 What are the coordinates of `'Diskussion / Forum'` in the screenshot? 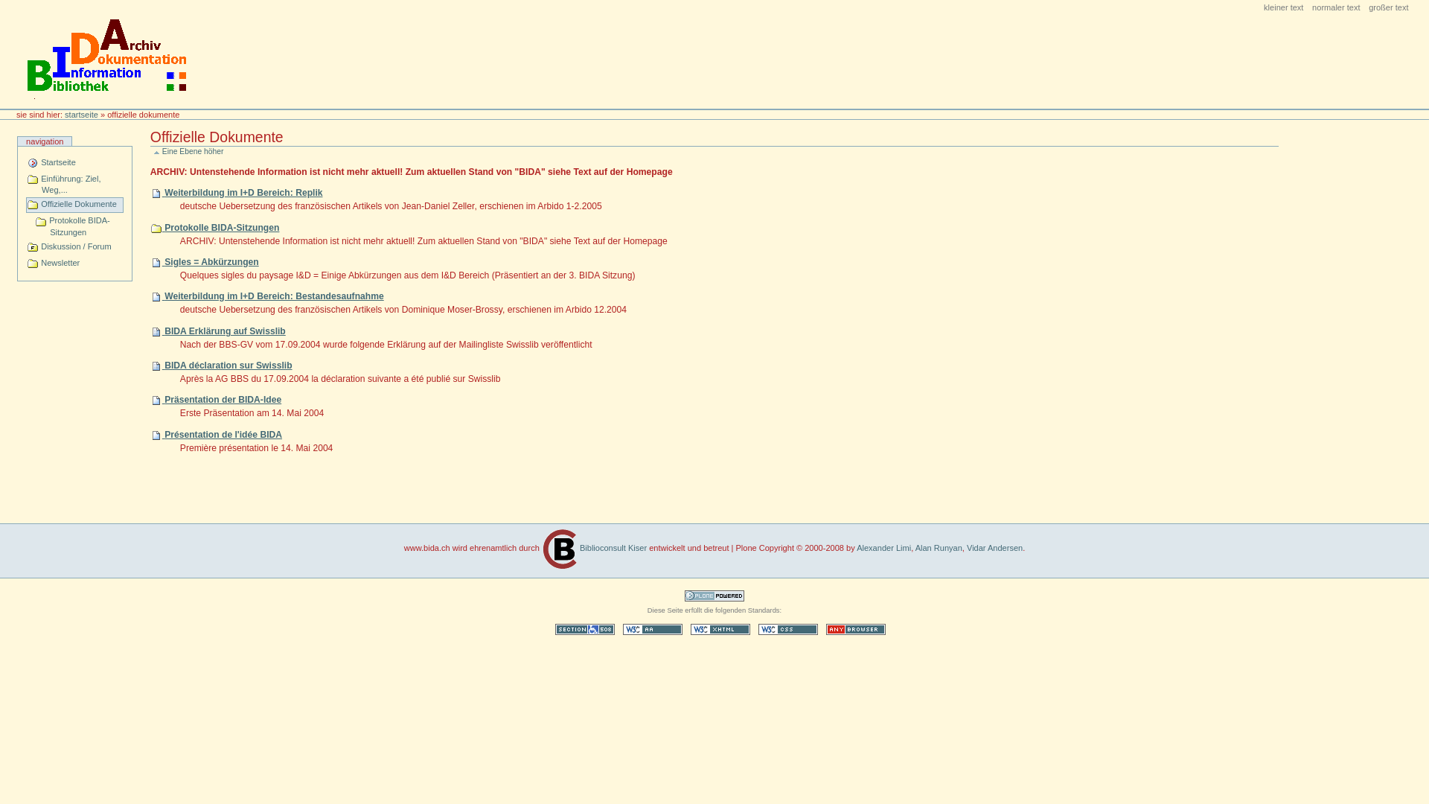 It's located at (74, 246).